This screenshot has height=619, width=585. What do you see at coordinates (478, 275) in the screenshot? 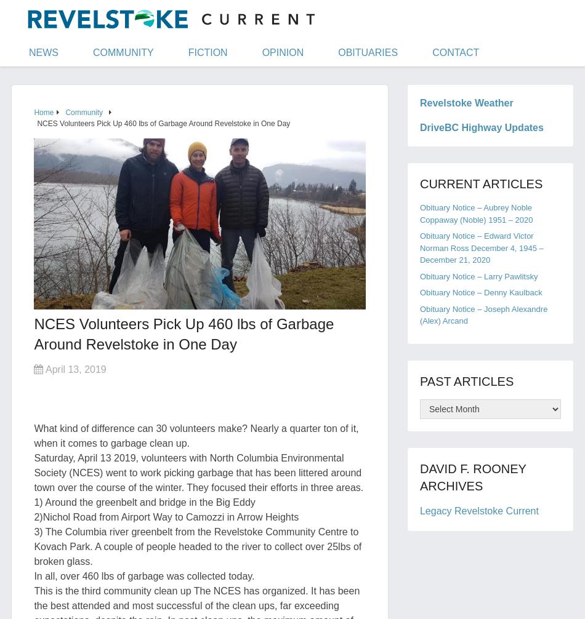
I see `'Obituary Notice – Larry Pawlitsky'` at bounding box center [478, 275].